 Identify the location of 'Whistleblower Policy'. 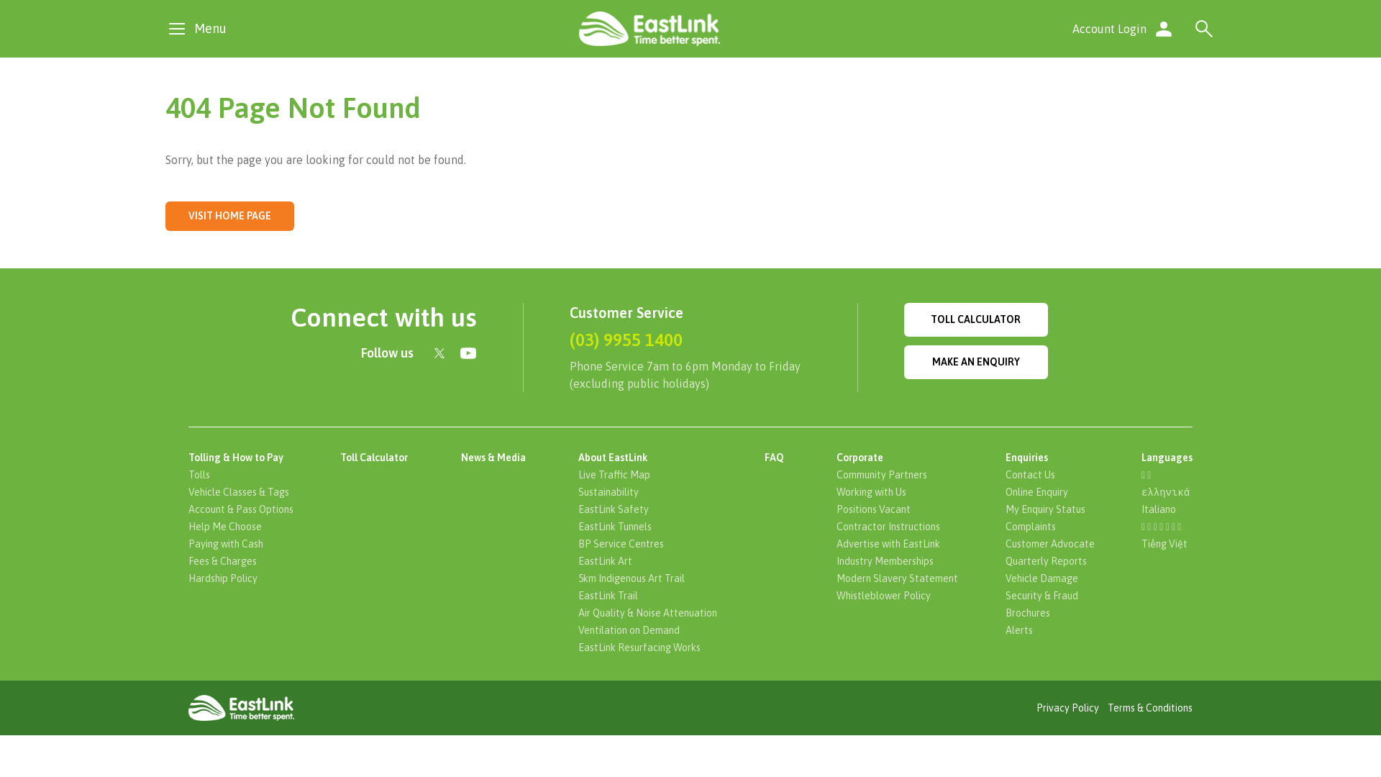
(836, 596).